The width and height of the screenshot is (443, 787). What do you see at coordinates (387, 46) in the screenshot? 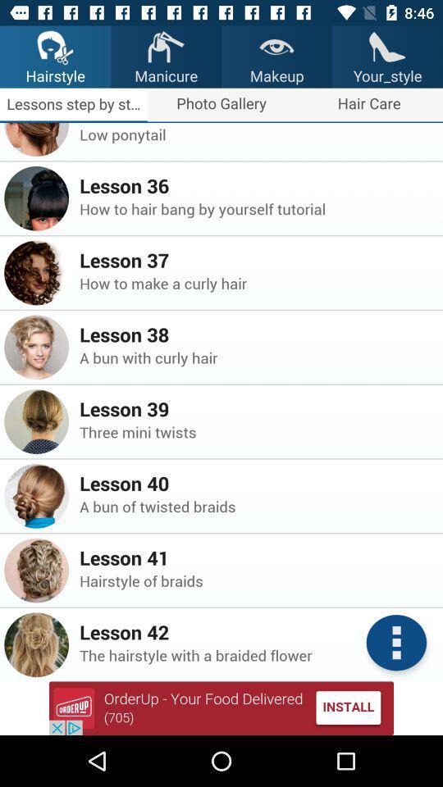
I see `the image above the text yourstyle` at bounding box center [387, 46].